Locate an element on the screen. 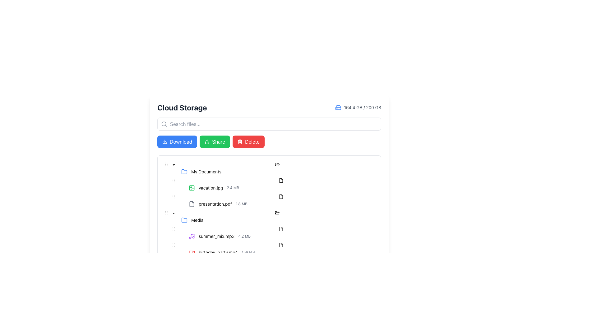 The height and width of the screenshot is (335, 597). the list item labeled 'summer_mix.mp3' is located at coordinates (280, 232).